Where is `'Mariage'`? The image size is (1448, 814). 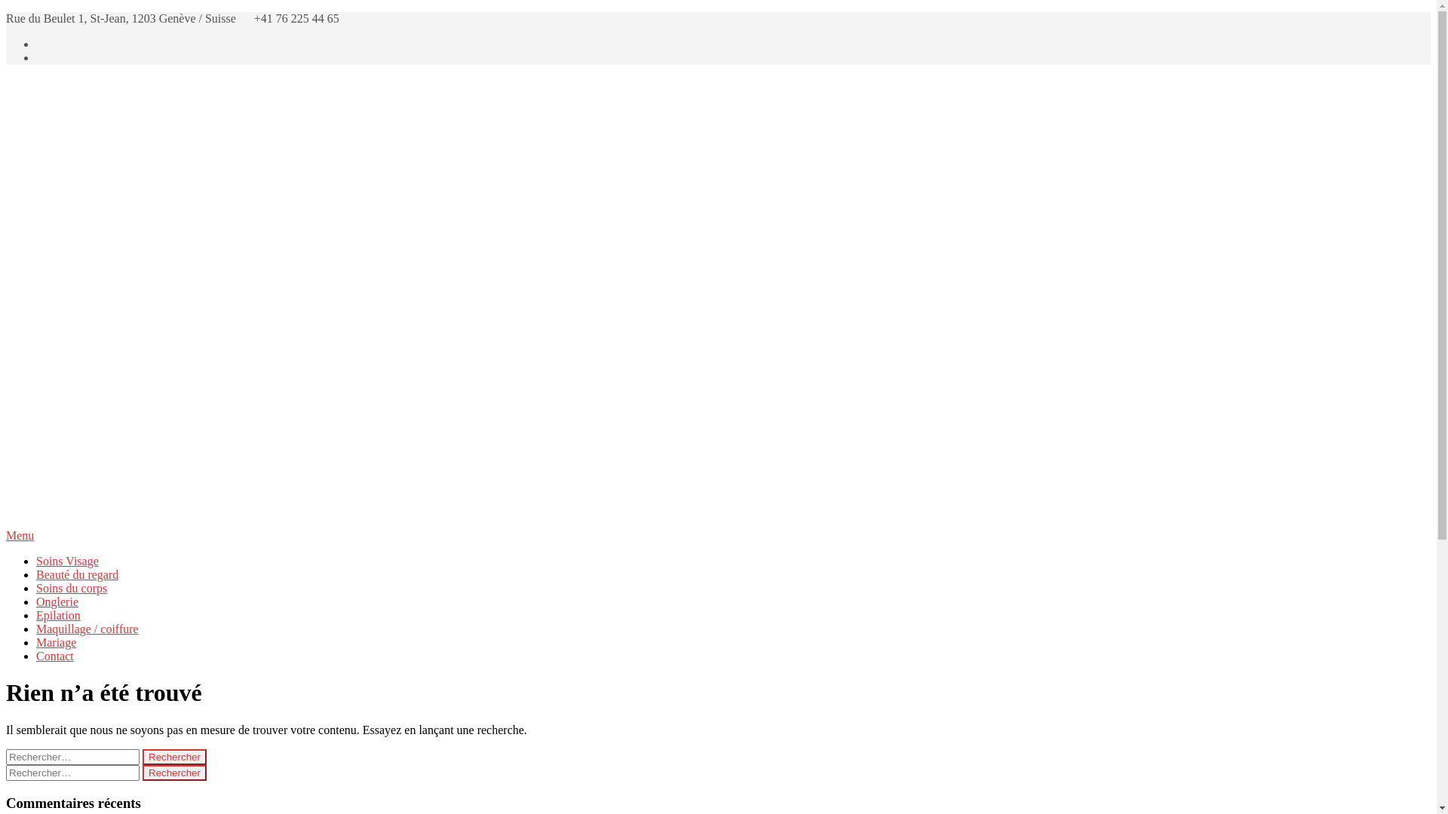 'Mariage' is located at coordinates (56, 642).